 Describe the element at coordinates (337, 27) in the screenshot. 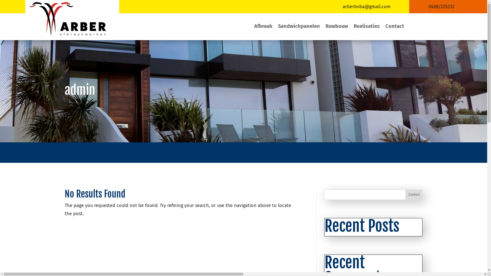

I see `'Ruwbouw'` at that location.